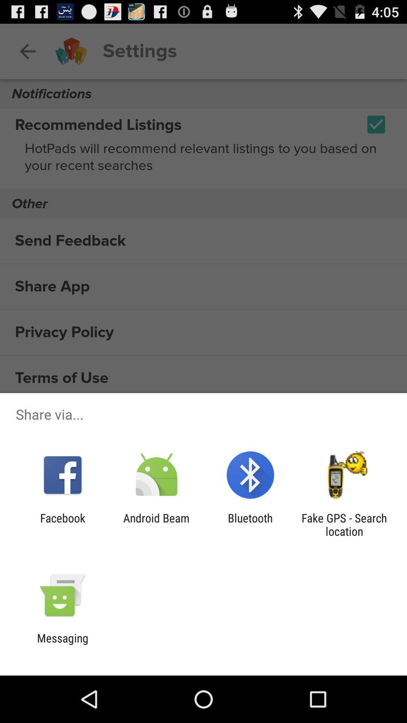 The width and height of the screenshot is (407, 723). Describe the element at coordinates (344, 524) in the screenshot. I see `app to the right of bluetooth item` at that location.